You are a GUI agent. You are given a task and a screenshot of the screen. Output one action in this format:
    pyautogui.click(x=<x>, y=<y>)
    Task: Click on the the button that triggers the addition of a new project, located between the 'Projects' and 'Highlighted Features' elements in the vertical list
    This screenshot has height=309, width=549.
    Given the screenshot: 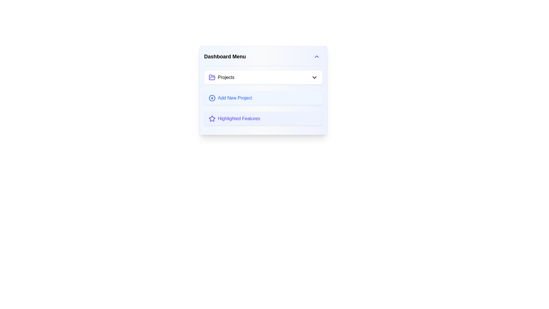 What is the action you would take?
    pyautogui.click(x=263, y=98)
    